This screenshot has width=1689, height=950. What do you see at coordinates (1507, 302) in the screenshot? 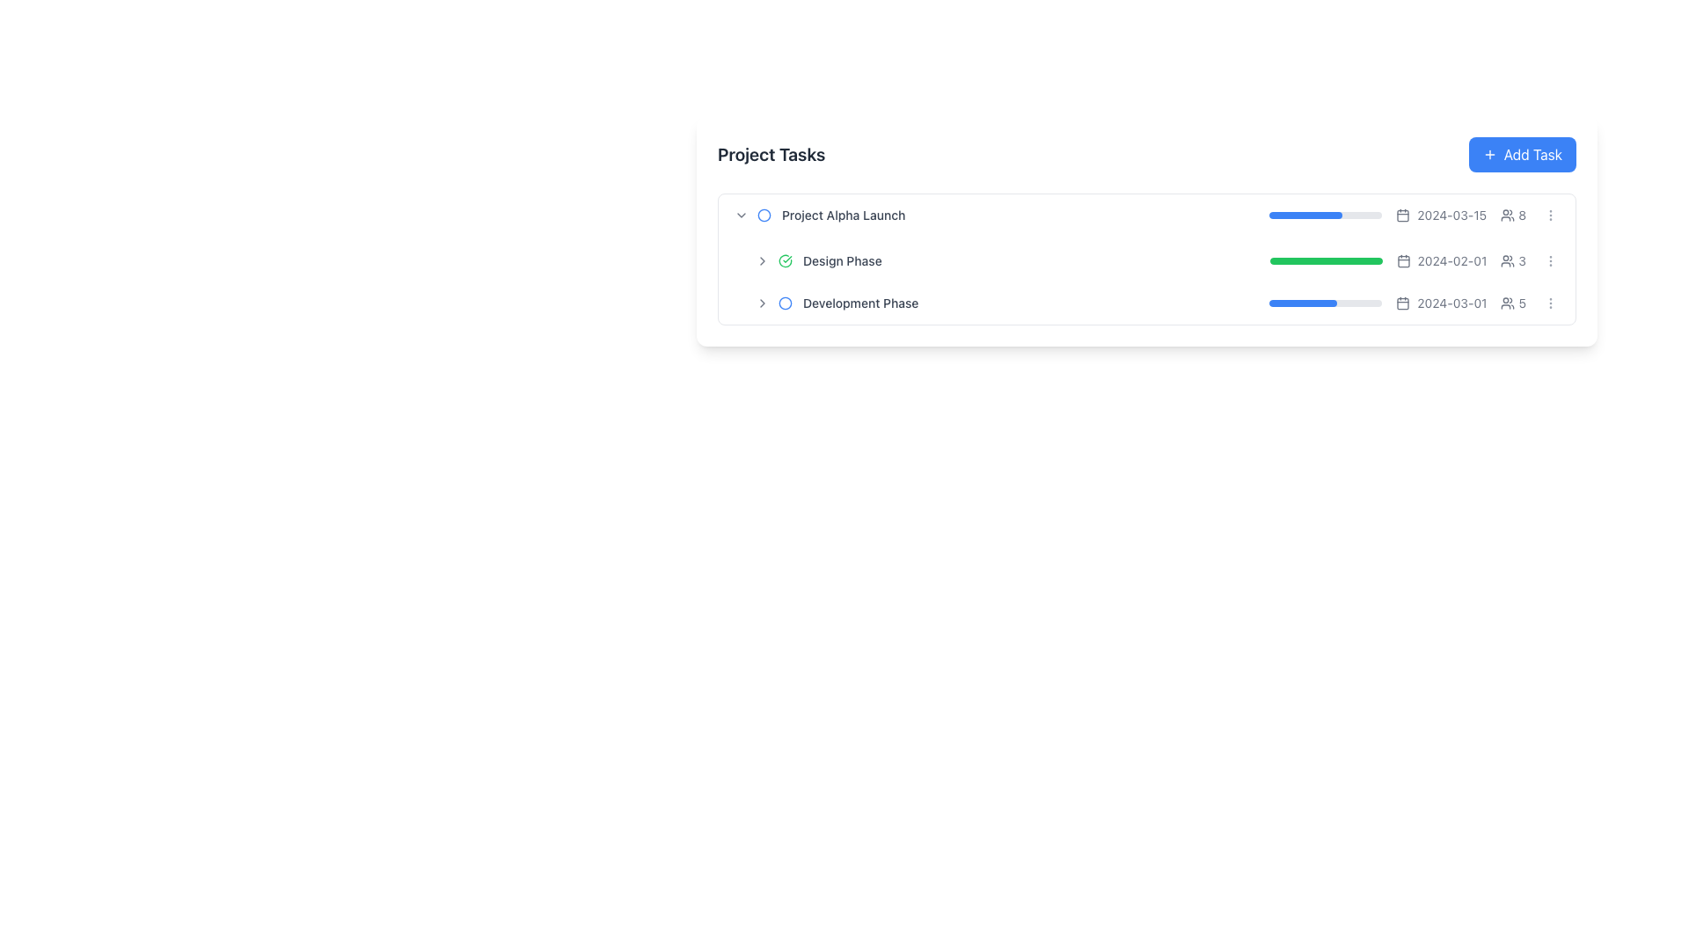
I see `the group icon represented by two stylized human figures, located to the right of the '2024-03-01' date text and to the left of the '5' user count in the third task row of the 'Project Tasks' table` at bounding box center [1507, 302].